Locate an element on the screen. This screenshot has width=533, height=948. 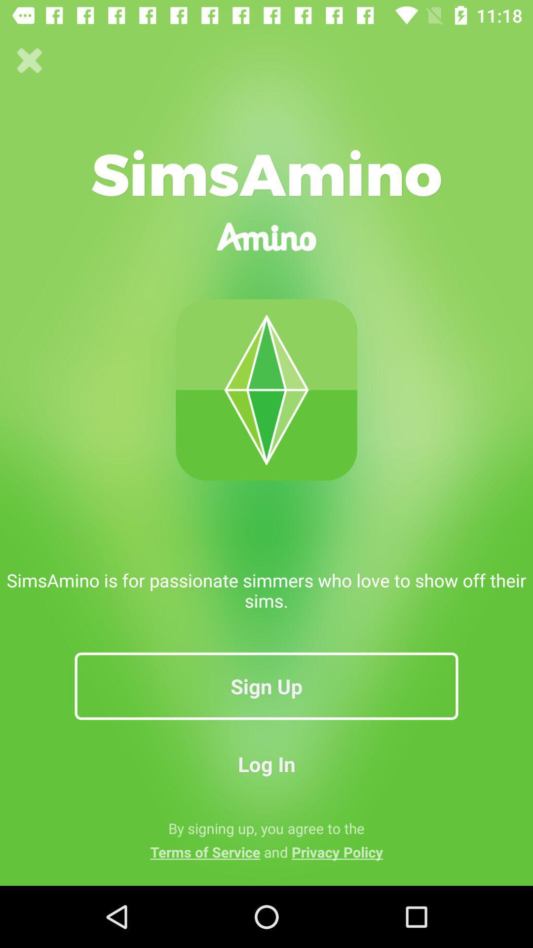
sign up is located at coordinates (266, 685).